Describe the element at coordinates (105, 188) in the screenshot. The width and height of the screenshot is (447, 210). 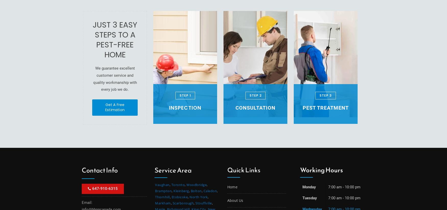
I see `'647-910-6315'` at that location.